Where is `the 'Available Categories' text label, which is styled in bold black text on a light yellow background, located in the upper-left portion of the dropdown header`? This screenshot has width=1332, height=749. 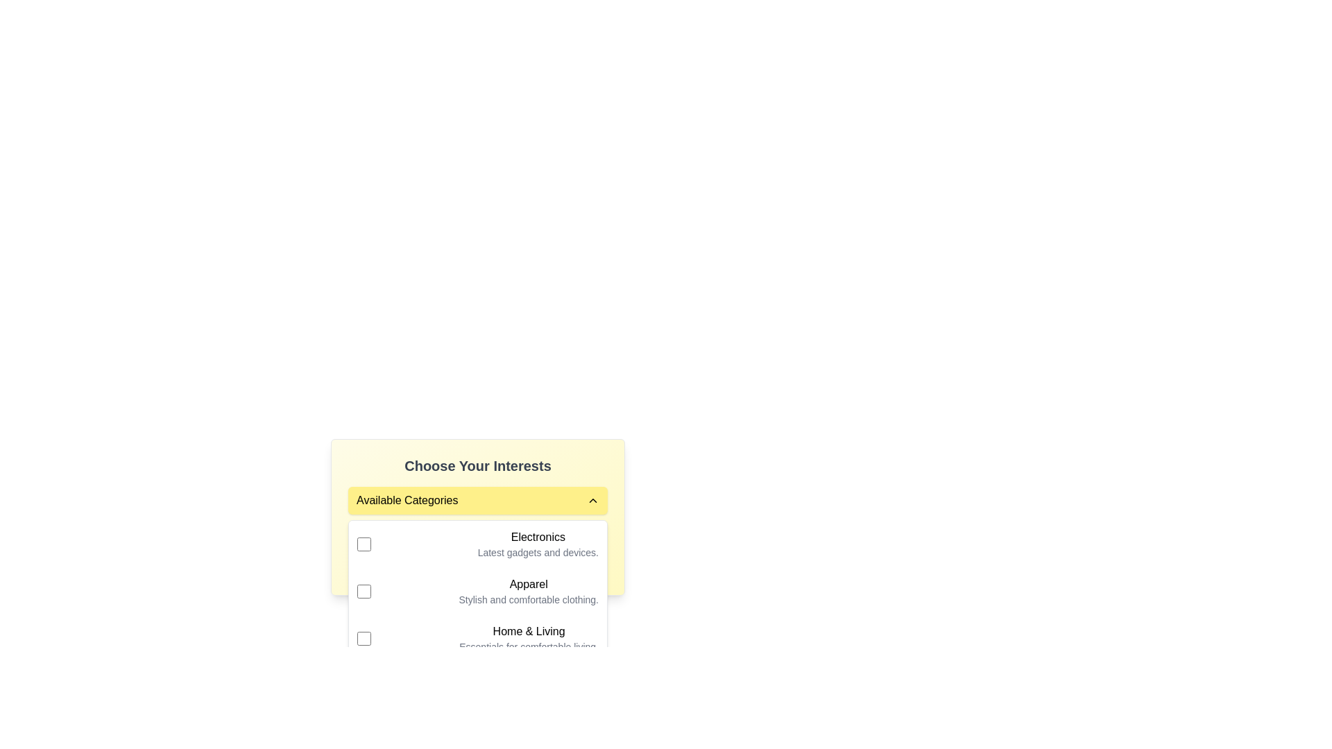 the 'Available Categories' text label, which is styled in bold black text on a light yellow background, located in the upper-left portion of the dropdown header is located at coordinates (407, 500).